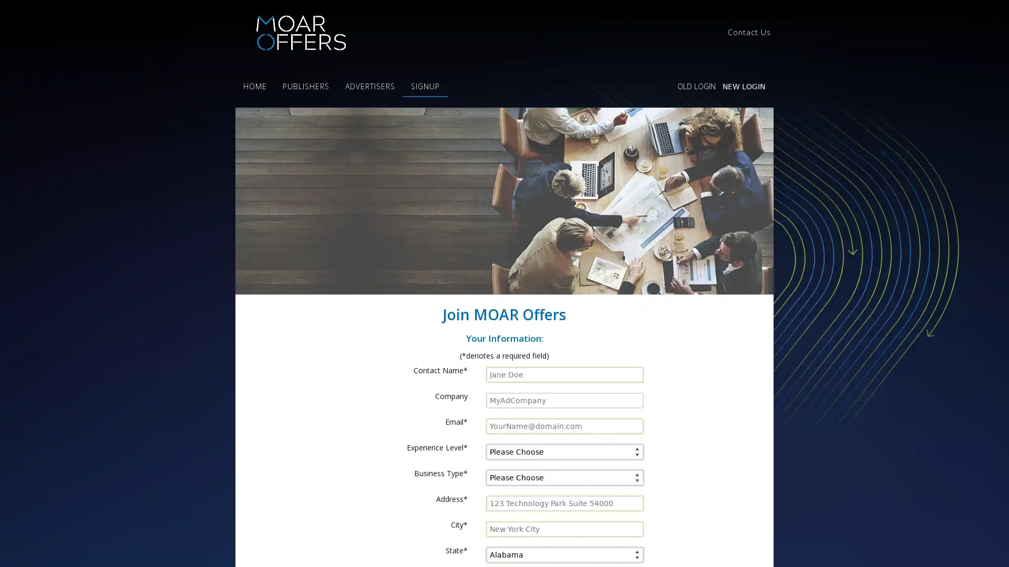 Image resolution: width=1009 pixels, height=567 pixels. What do you see at coordinates (743, 86) in the screenshot?
I see `NEW LOGIN` at bounding box center [743, 86].